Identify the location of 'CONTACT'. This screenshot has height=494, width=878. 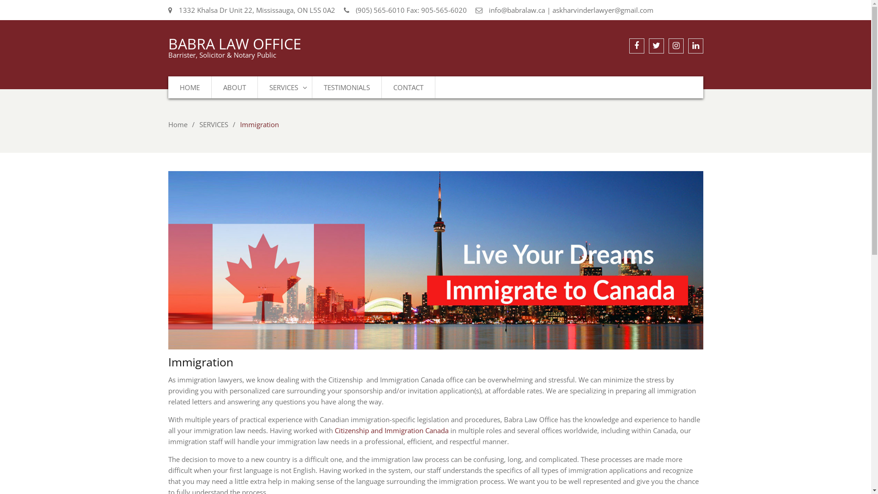
(407, 87).